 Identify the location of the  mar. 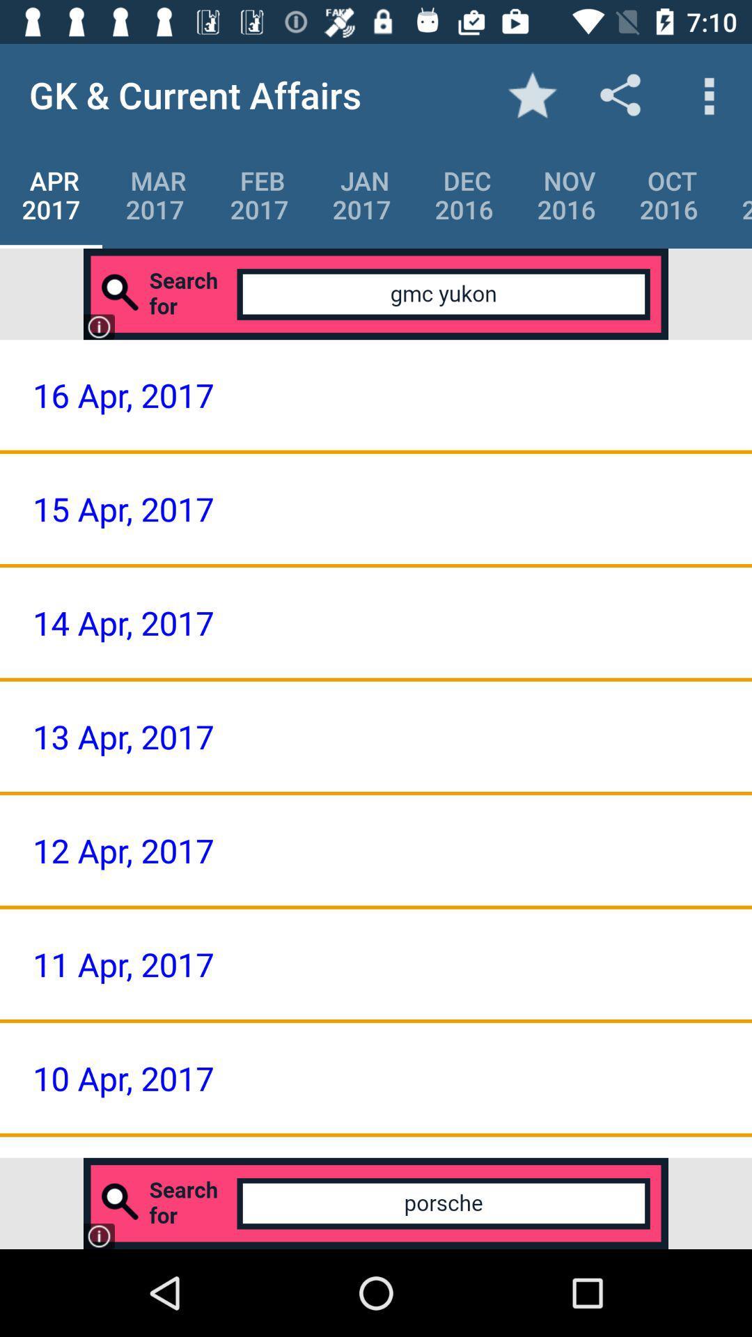
(155, 194).